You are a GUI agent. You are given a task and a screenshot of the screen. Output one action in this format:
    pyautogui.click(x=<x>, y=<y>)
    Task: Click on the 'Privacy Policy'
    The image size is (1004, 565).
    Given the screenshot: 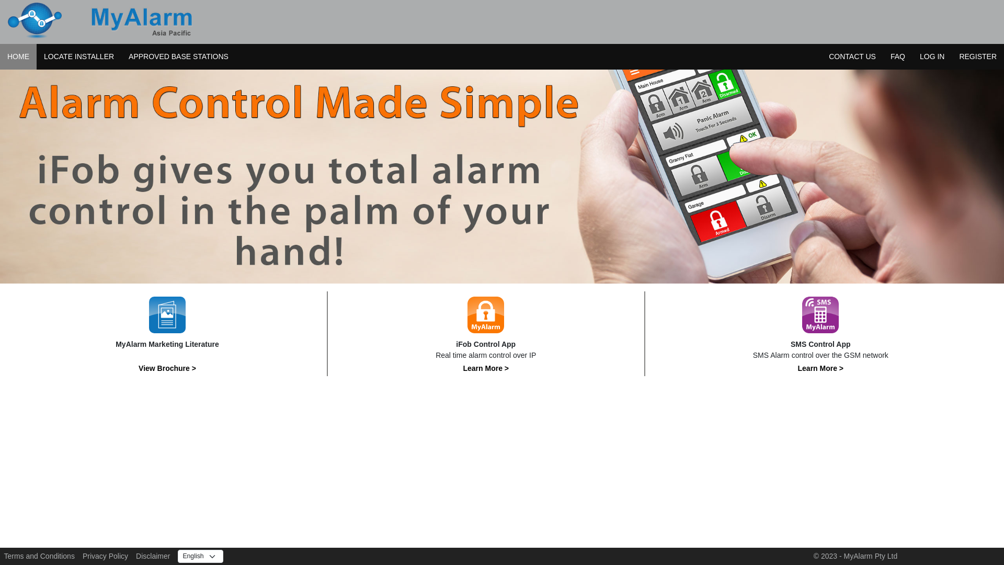 What is the action you would take?
    pyautogui.click(x=105, y=556)
    